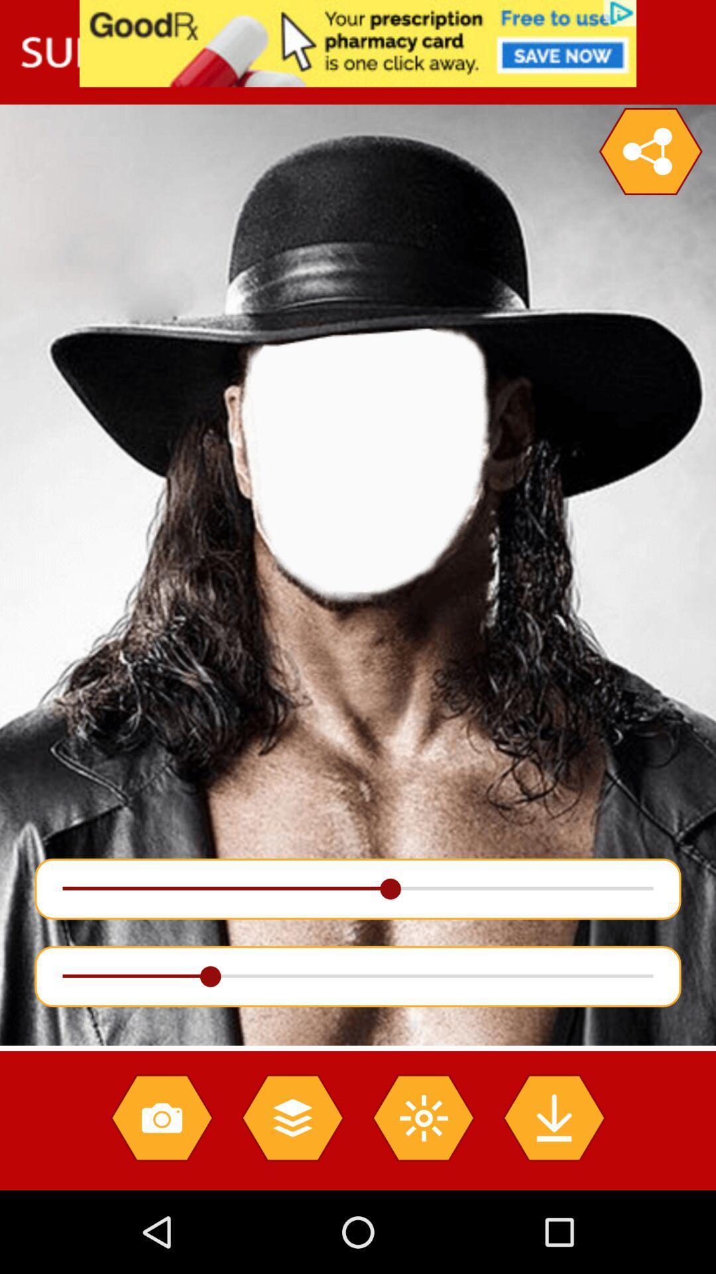 This screenshot has height=1274, width=716. I want to click on settin, so click(650, 151).